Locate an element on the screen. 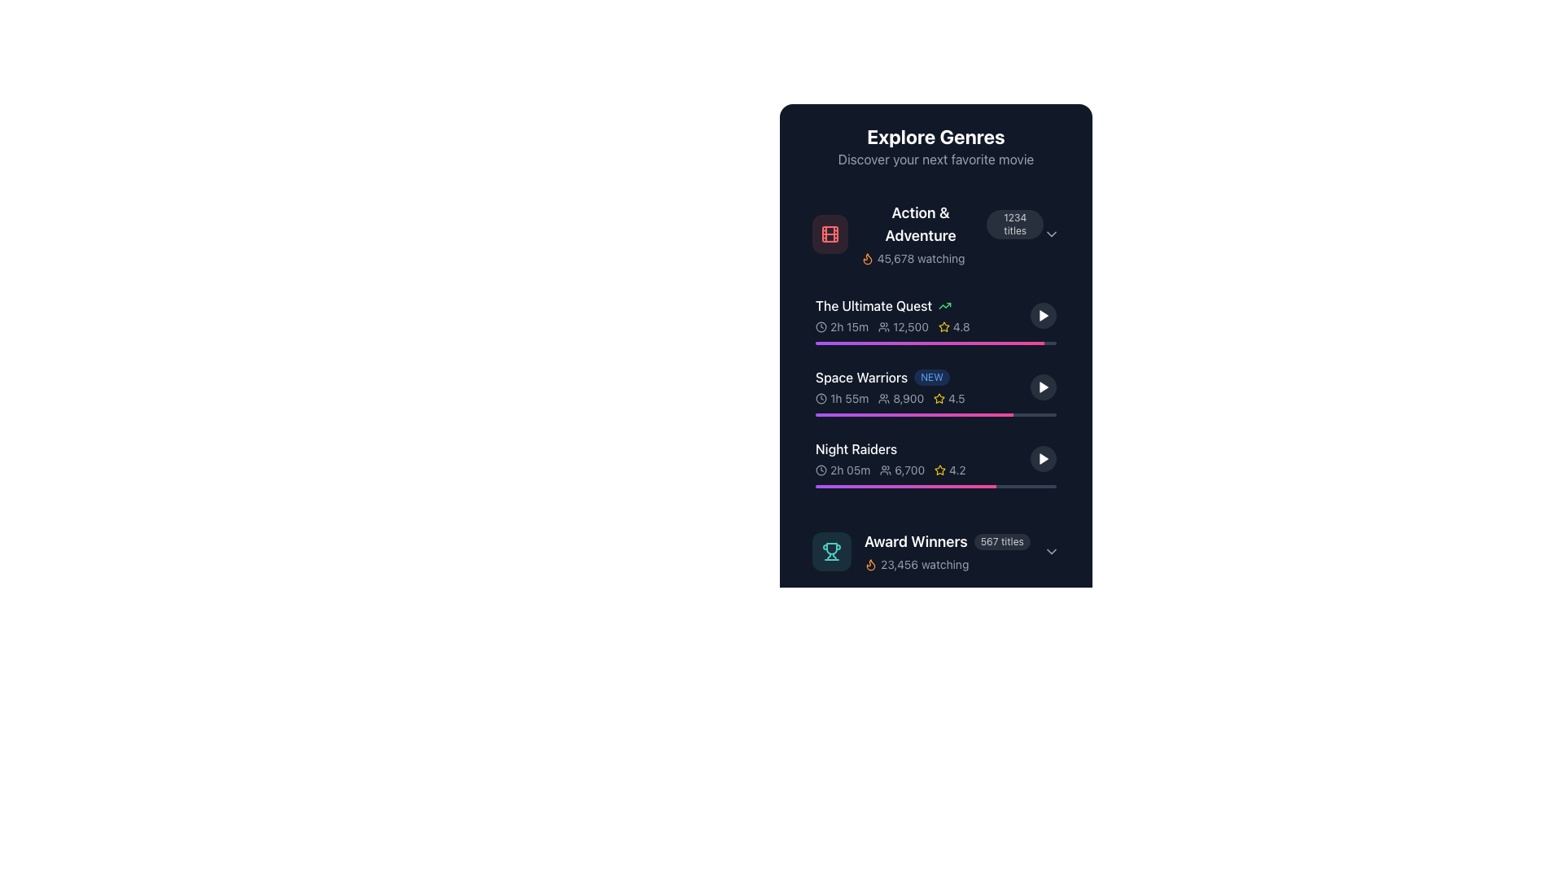 The height and width of the screenshot is (879, 1563). the gradient bar value is located at coordinates (816, 485).